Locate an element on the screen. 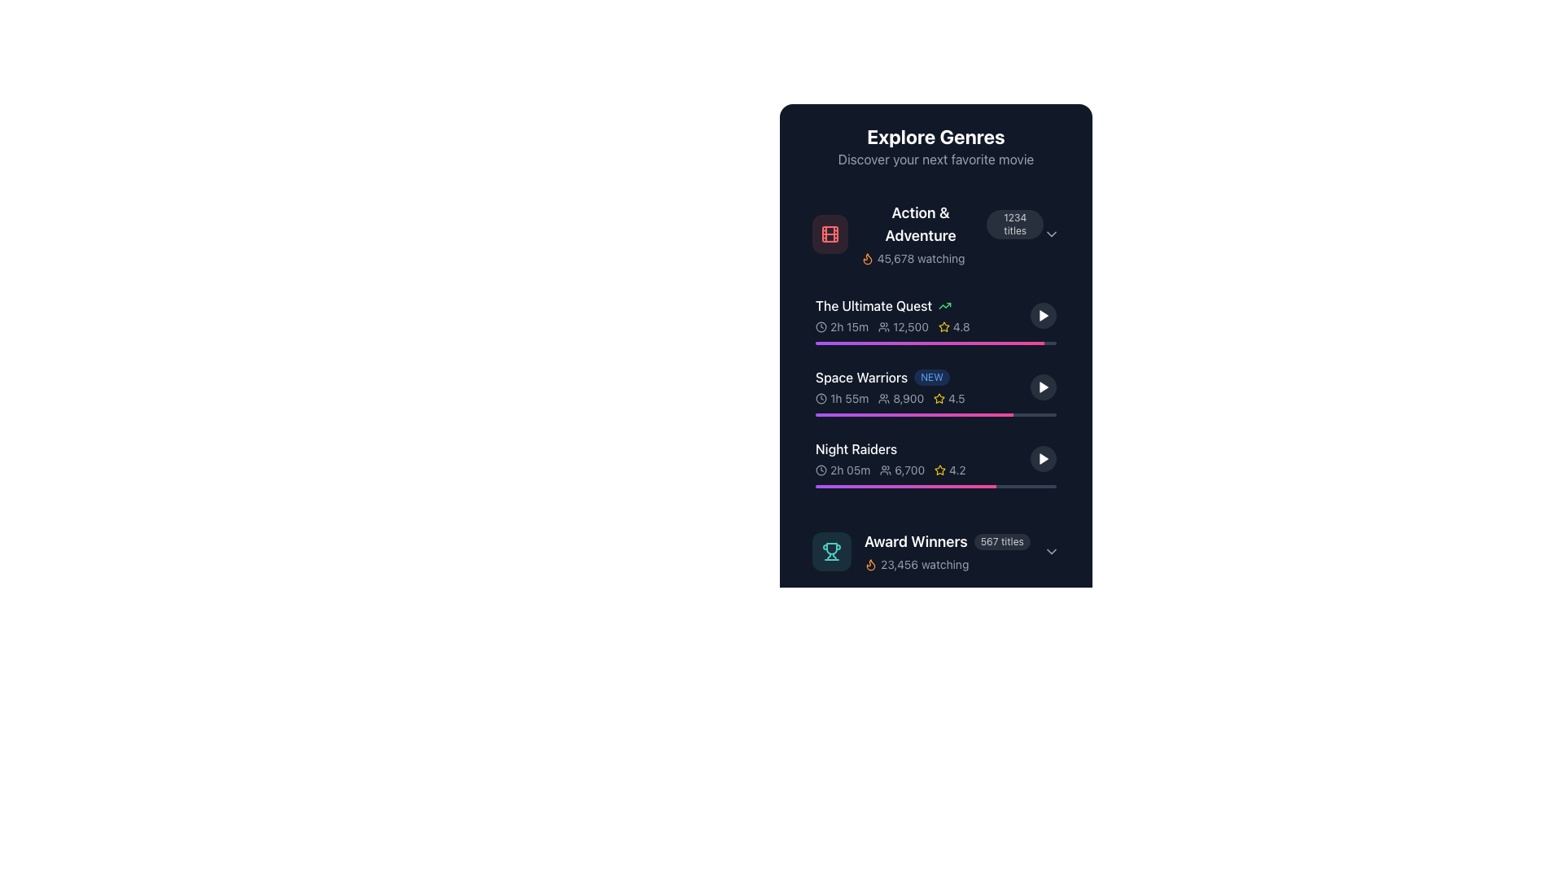 The height and width of the screenshot is (879, 1563). the gradient bar value is located at coordinates (816, 485).